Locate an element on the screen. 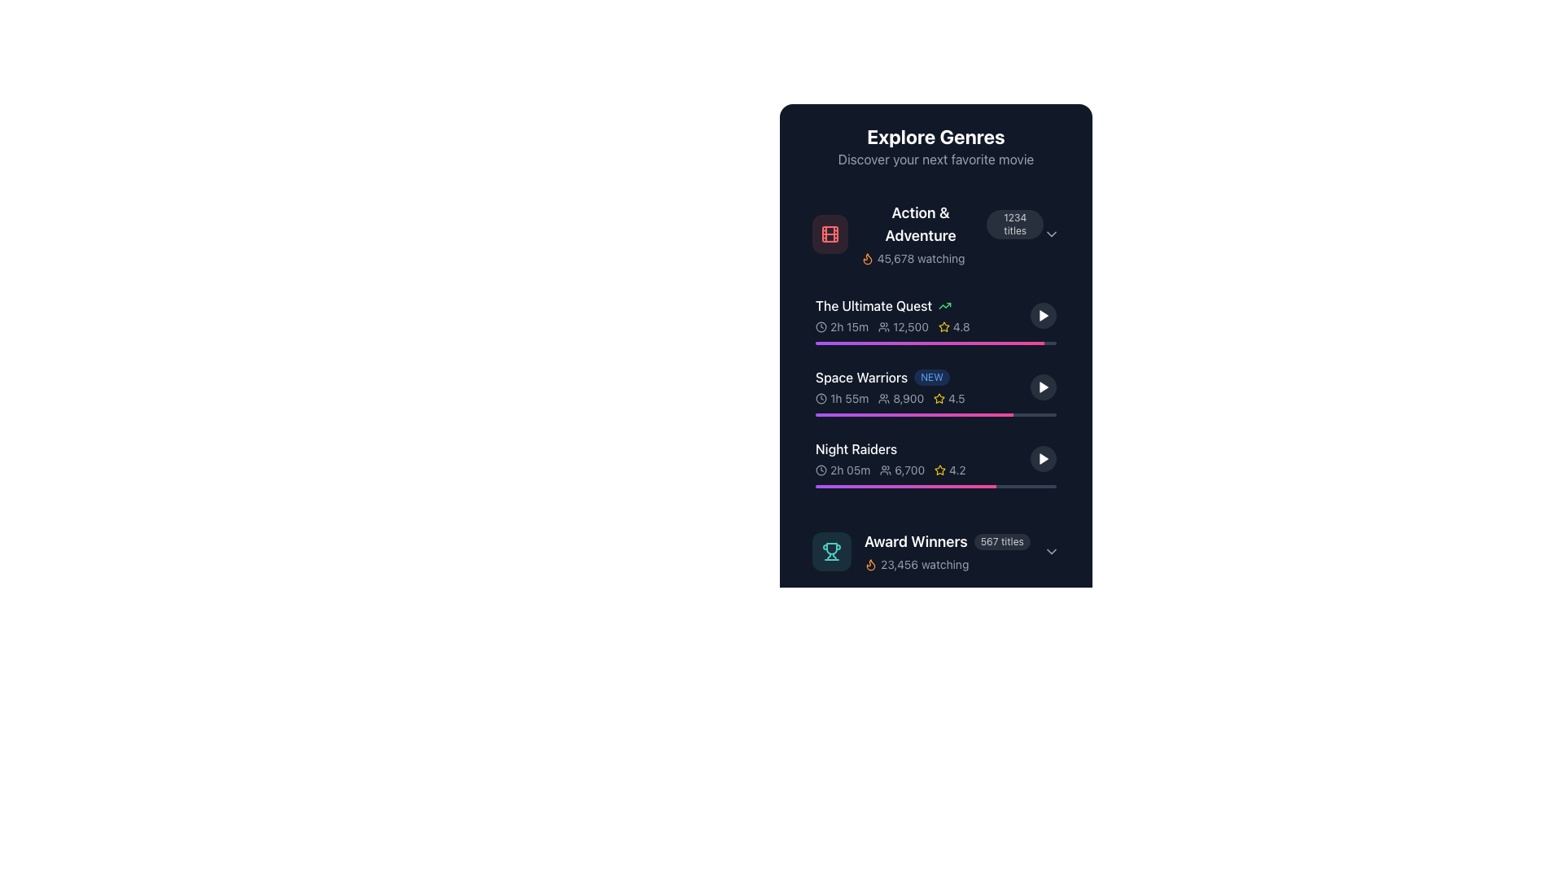 The height and width of the screenshot is (879, 1563). the gradient bar value is located at coordinates (816, 485).